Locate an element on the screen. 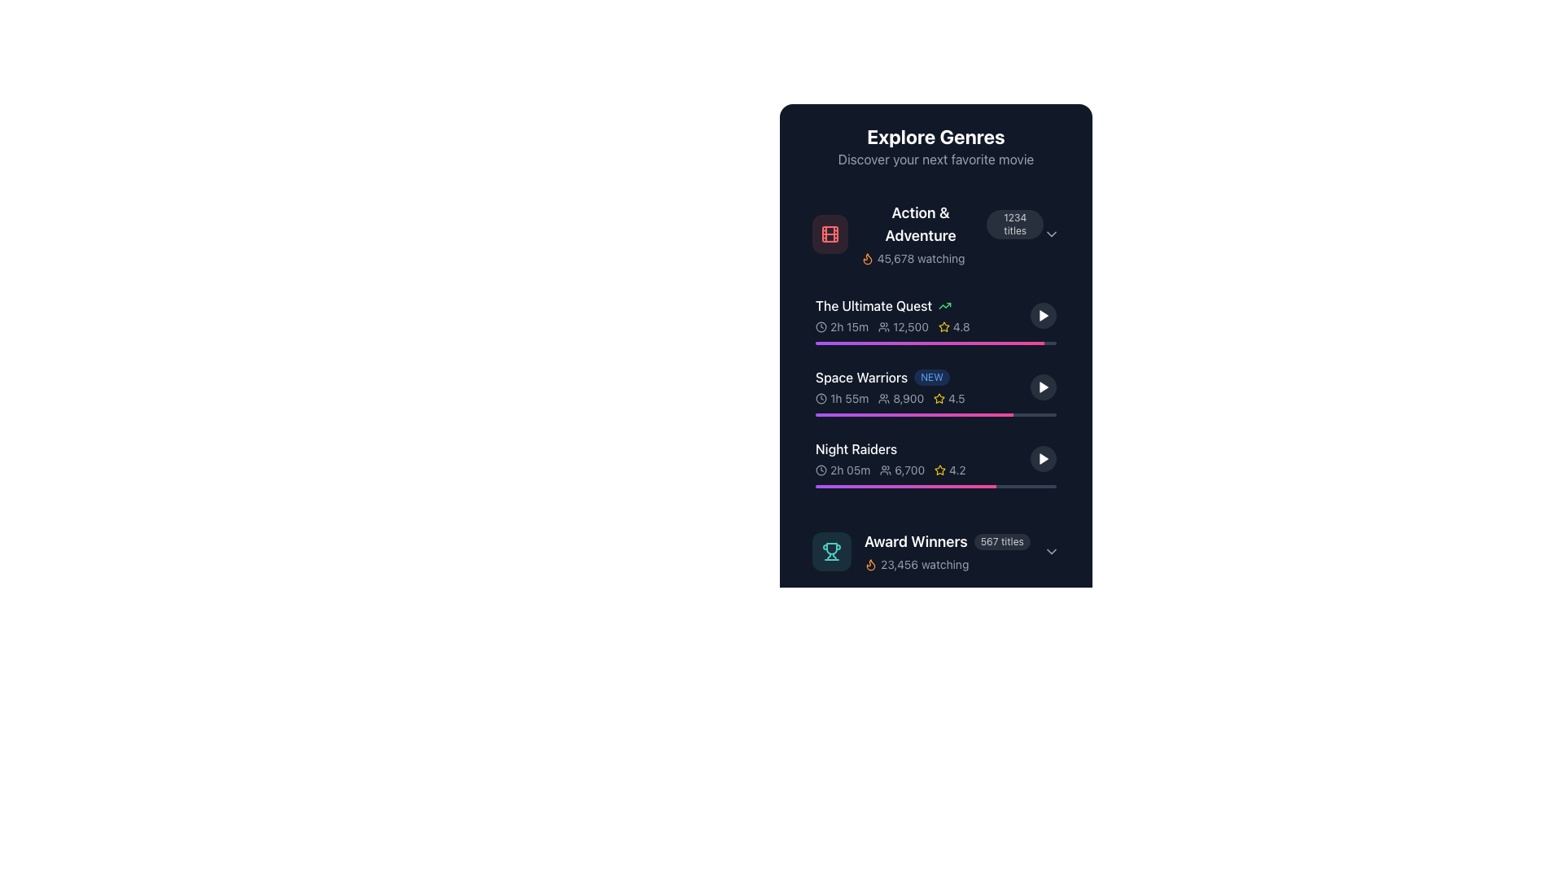 The height and width of the screenshot is (879, 1563). the gradient bar value is located at coordinates (816, 485).